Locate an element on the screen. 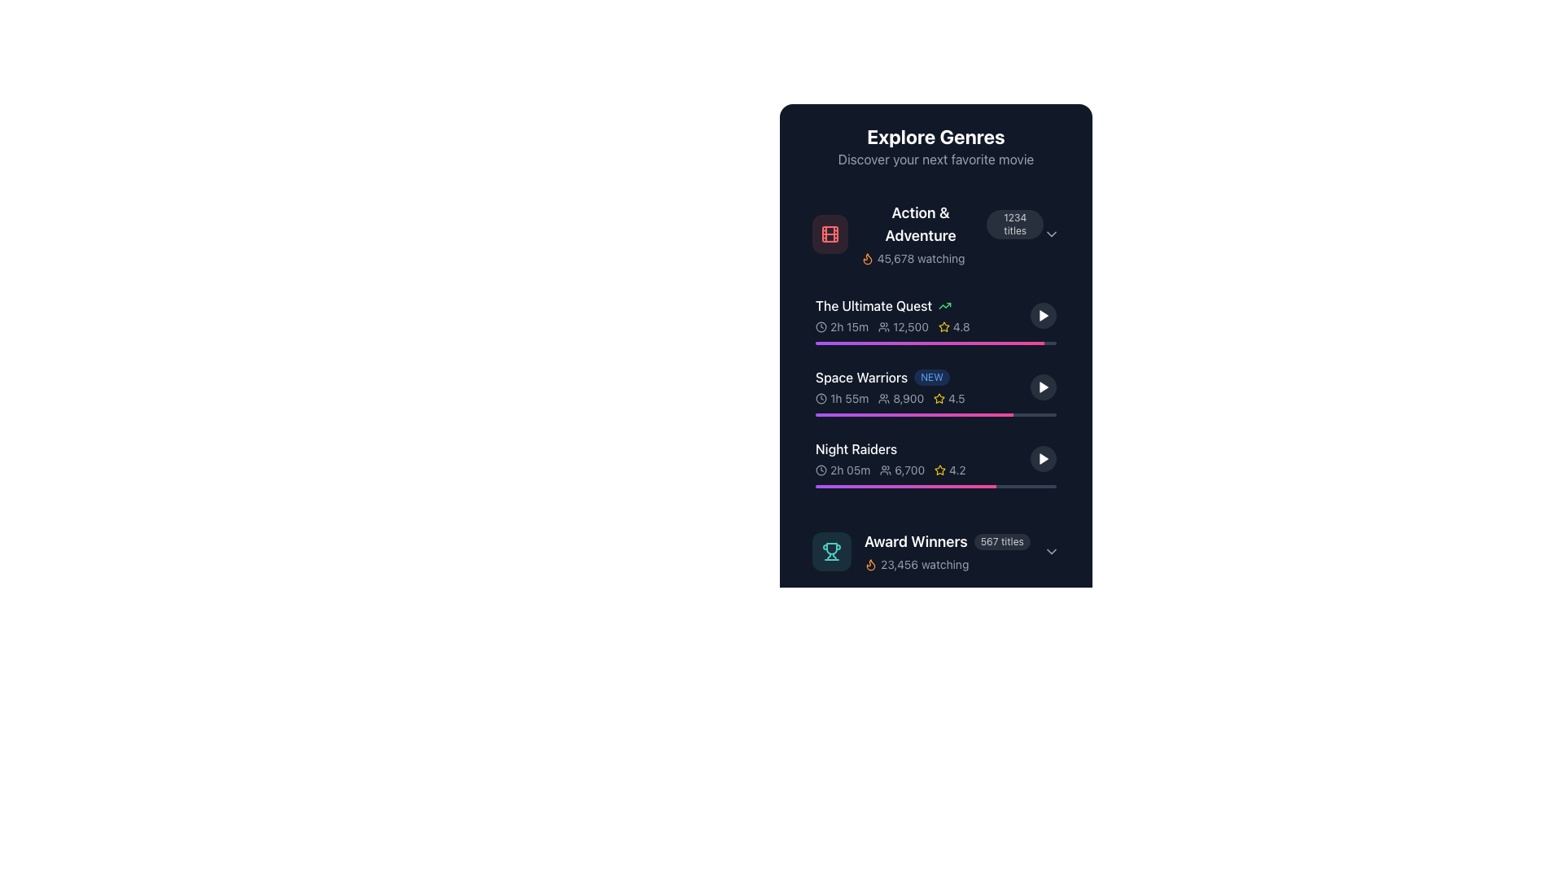 The height and width of the screenshot is (879, 1563). the gradient bar value is located at coordinates (816, 485).